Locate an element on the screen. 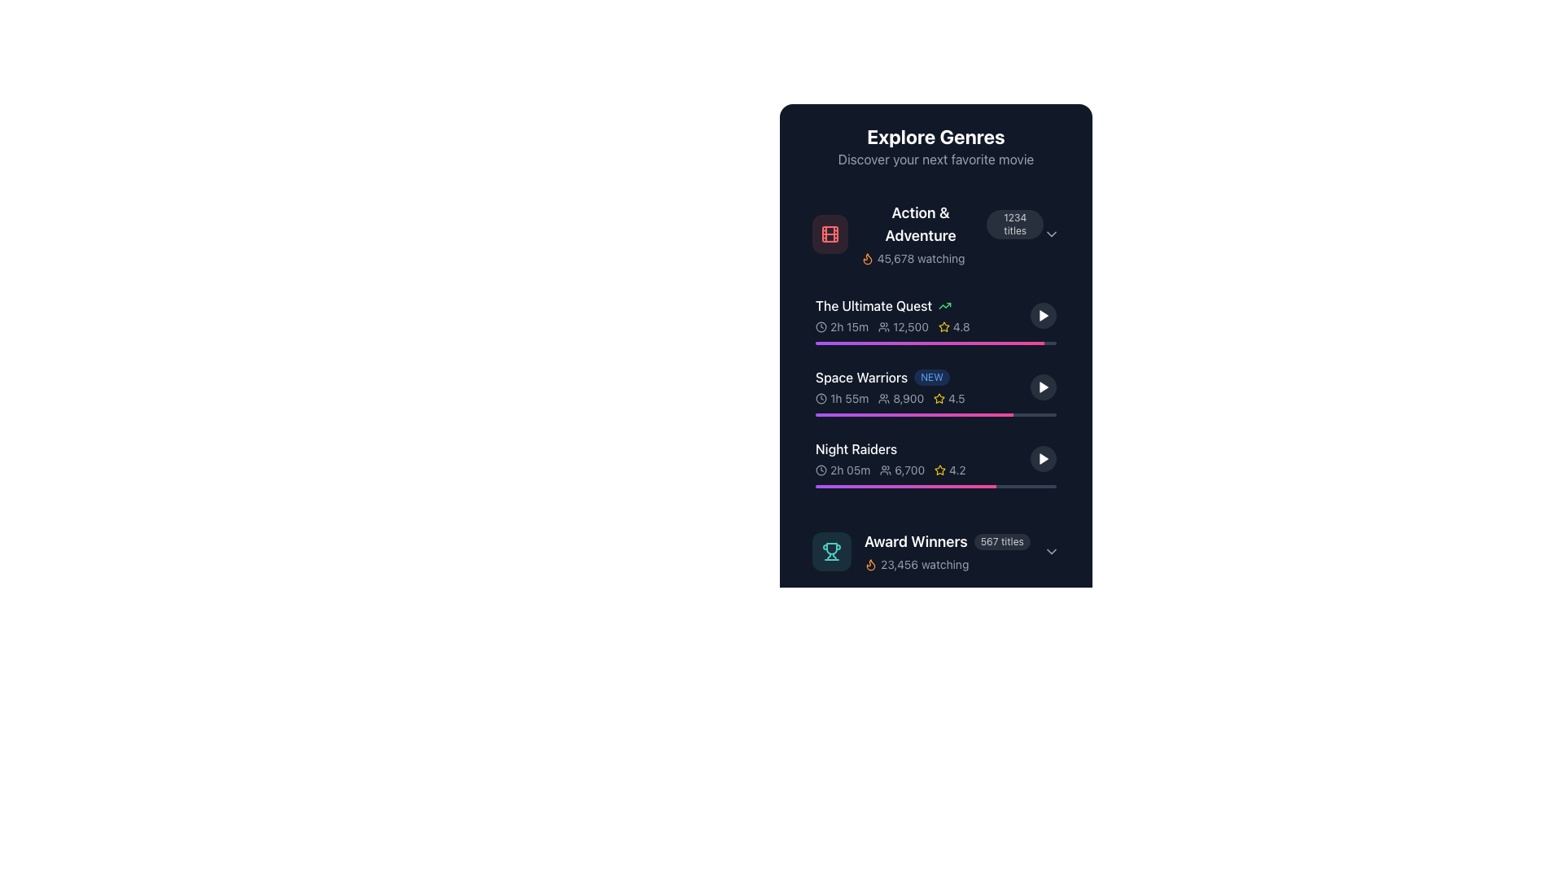 The height and width of the screenshot is (879, 1563). the gradient bar value is located at coordinates (816, 485).